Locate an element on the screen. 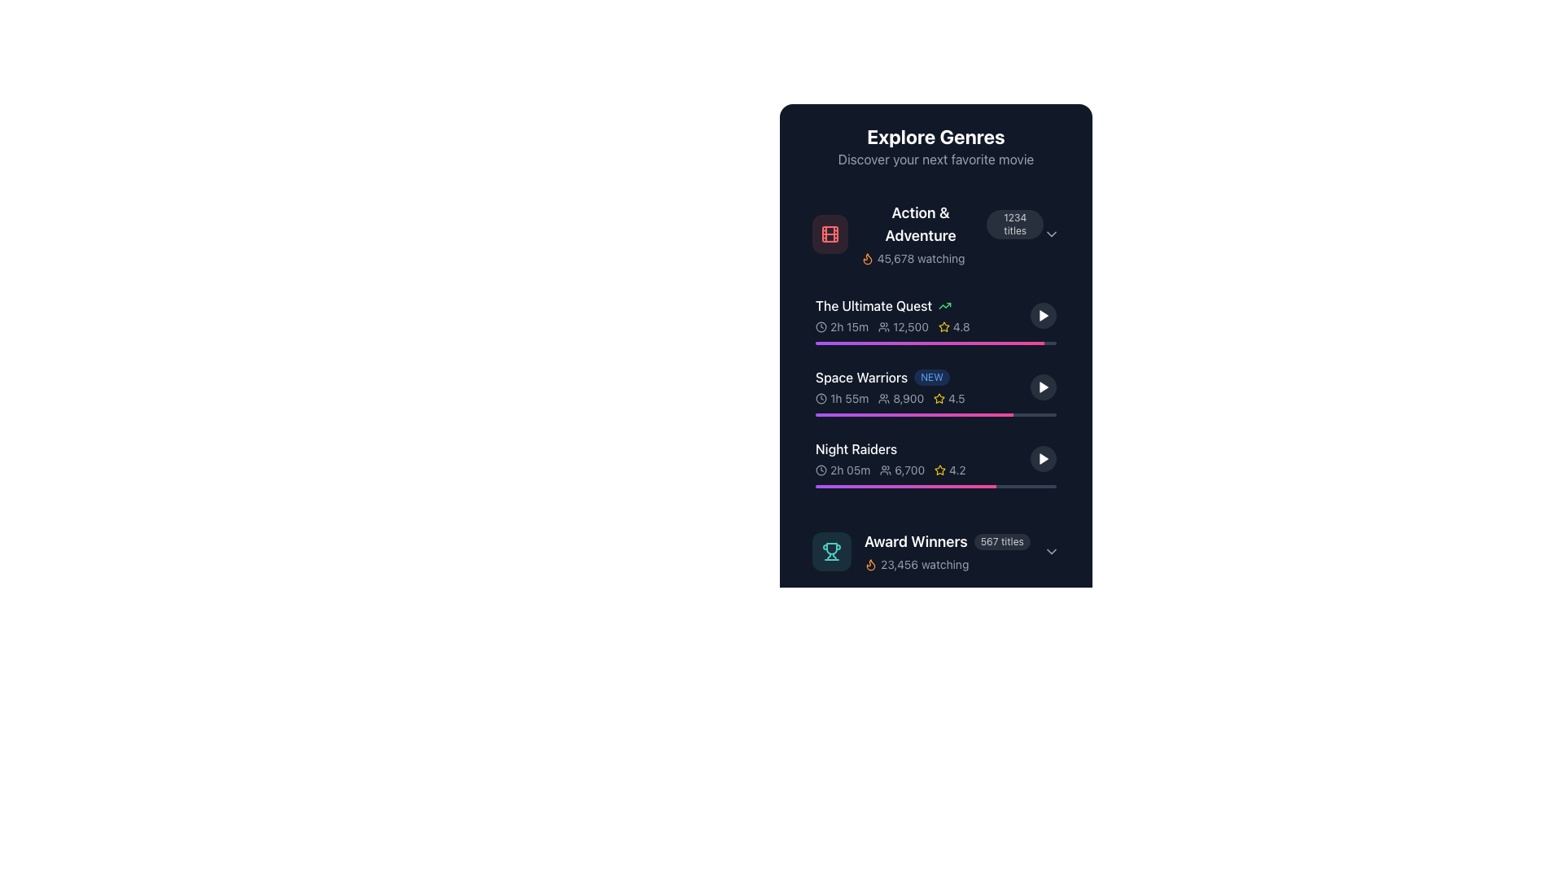 The height and width of the screenshot is (879, 1563). the gradient bar value is located at coordinates (816, 485).